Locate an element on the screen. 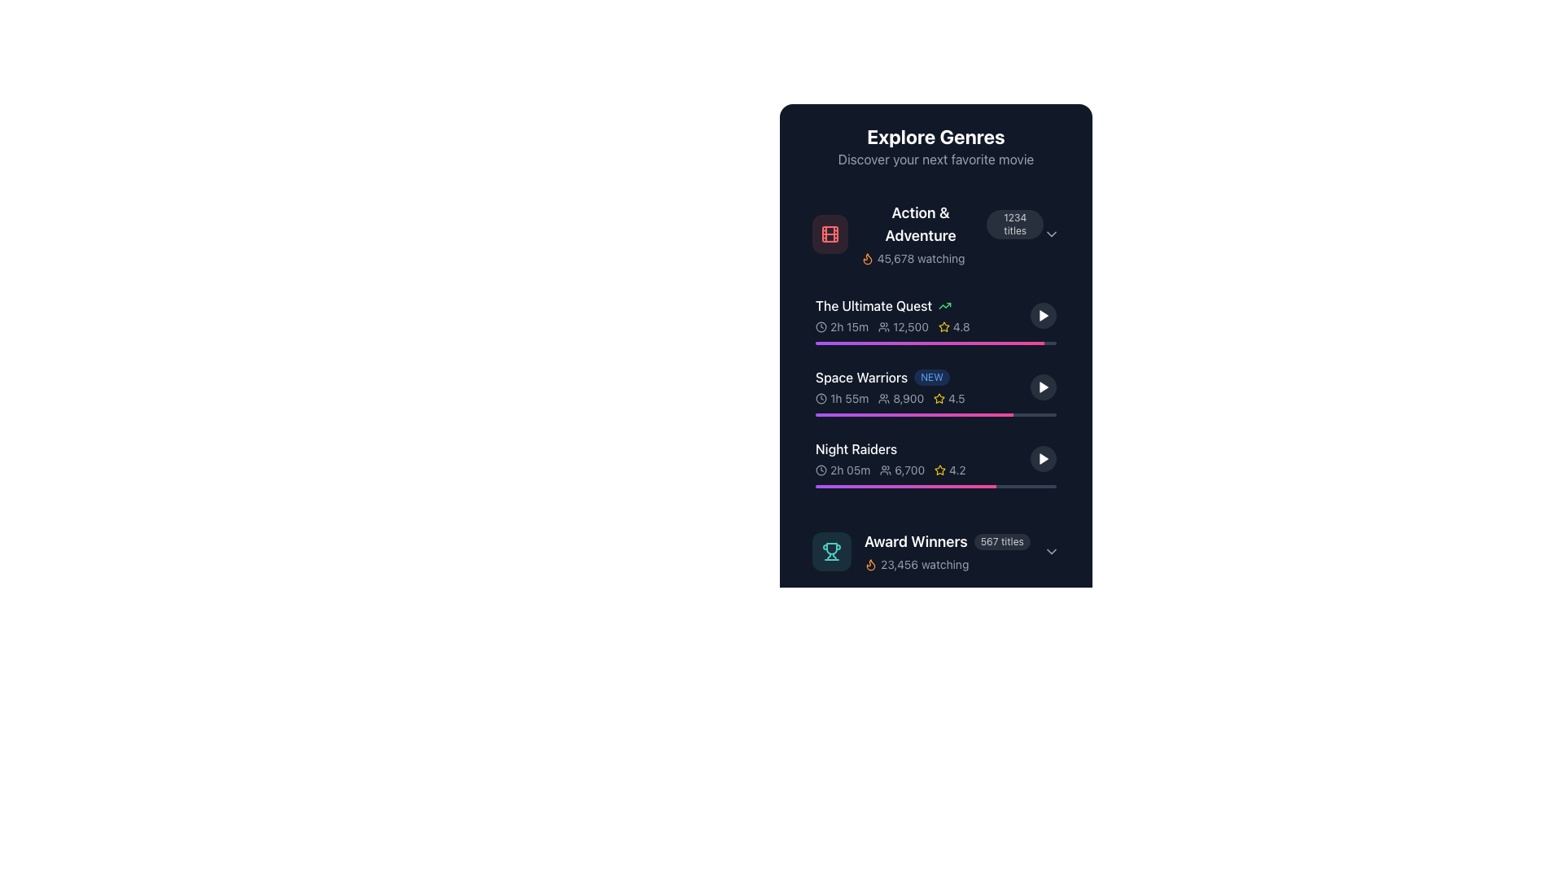 The height and width of the screenshot is (879, 1563). the gradient bar value is located at coordinates (816, 485).